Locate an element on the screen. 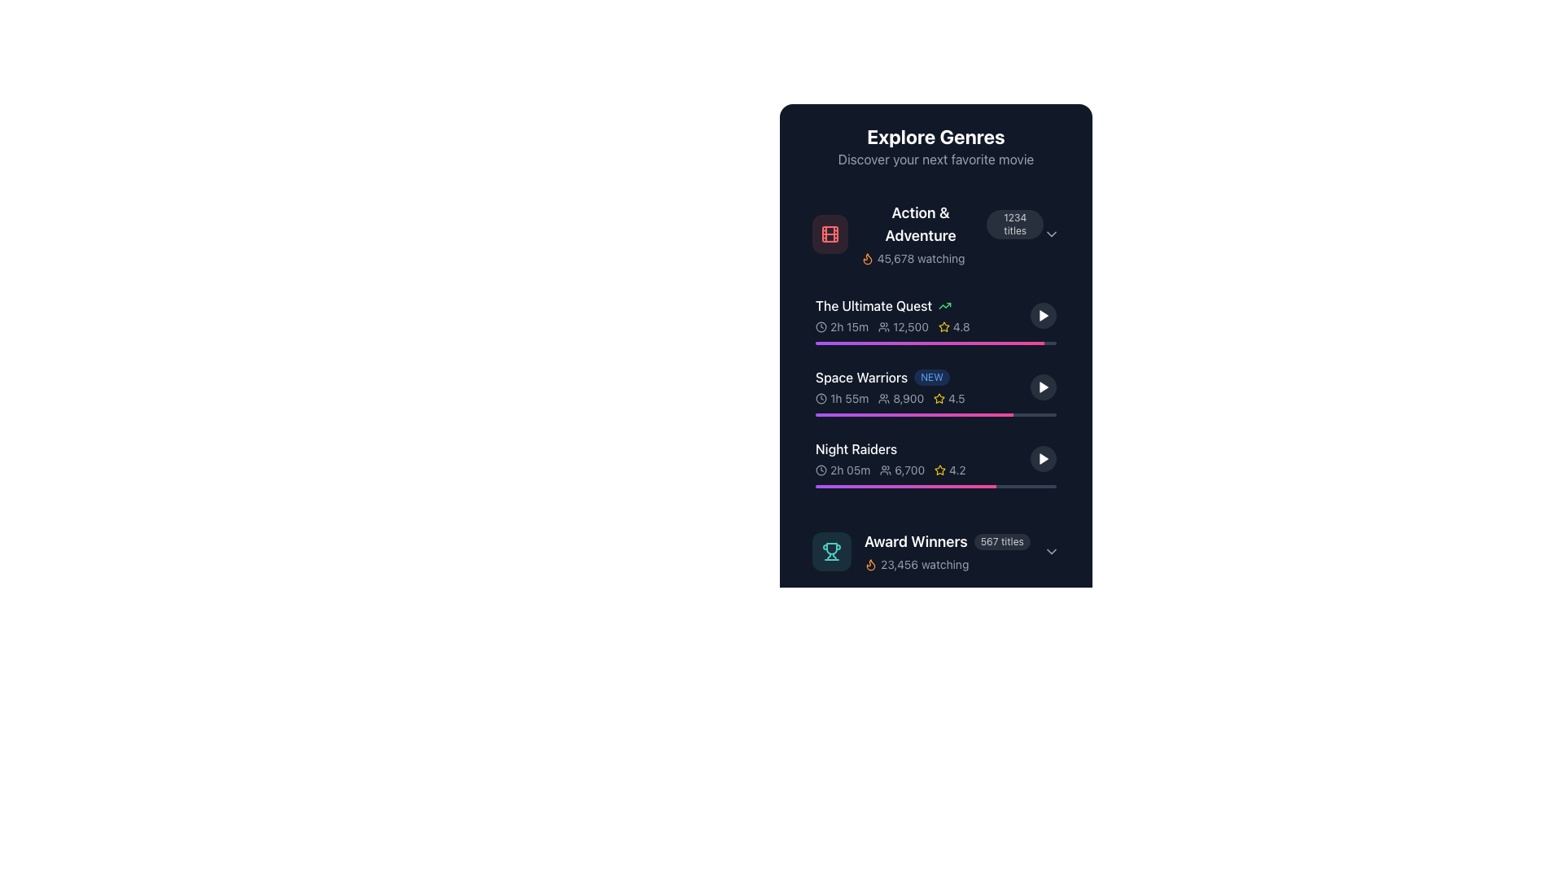 The height and width of the screenshot is (879, 1563). the gradient bar value is located at coordinates (816, 485).